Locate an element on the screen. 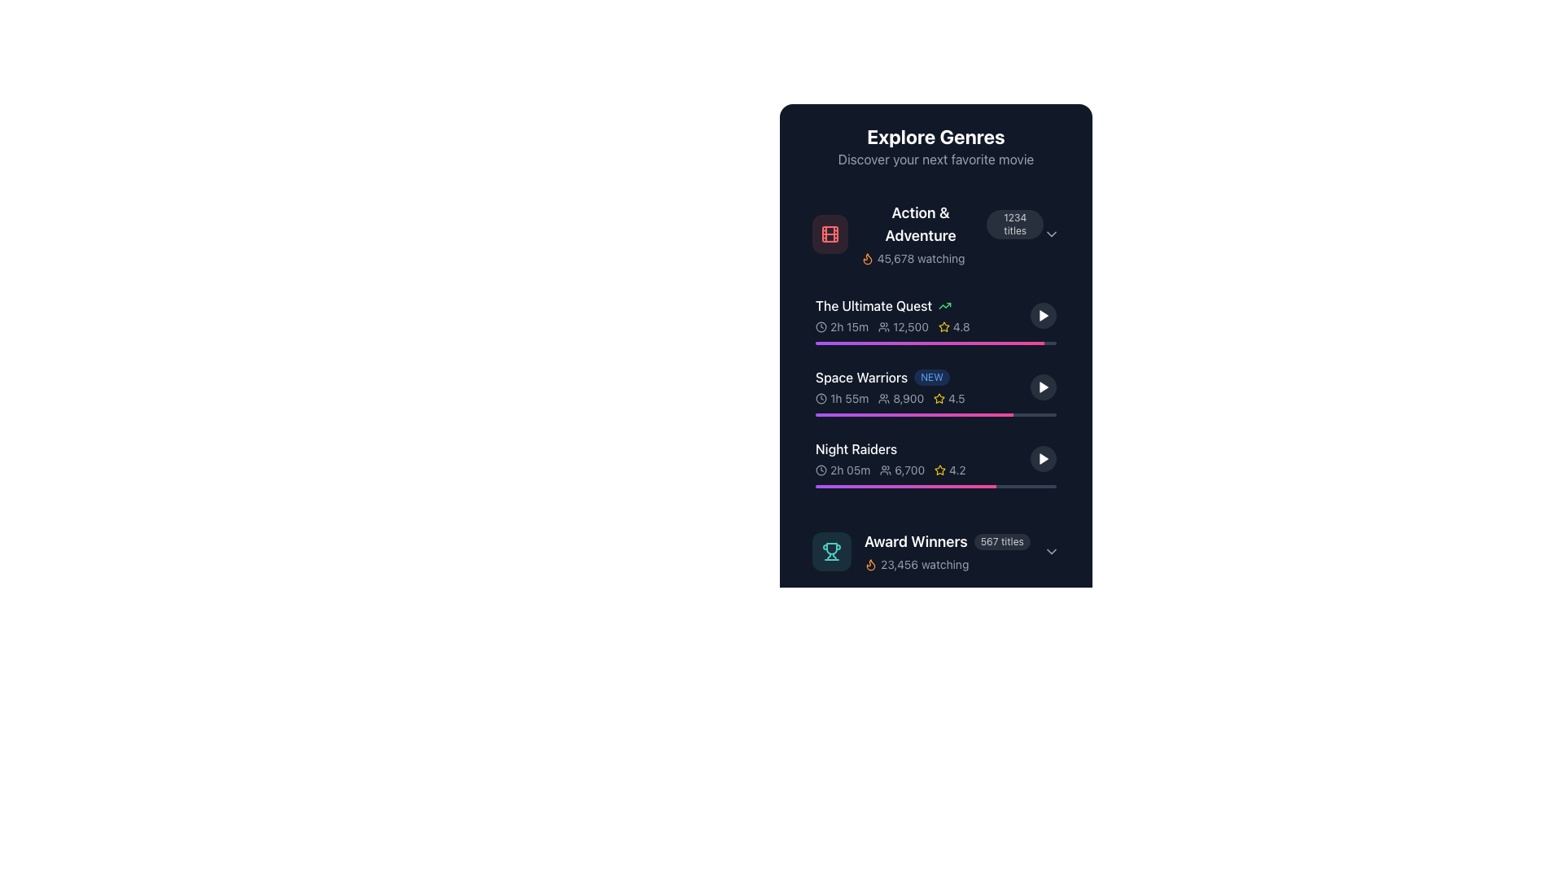 The height and width of the screenshot is (879, 1563). the gradient bar value is located at coordinates (816, 485).